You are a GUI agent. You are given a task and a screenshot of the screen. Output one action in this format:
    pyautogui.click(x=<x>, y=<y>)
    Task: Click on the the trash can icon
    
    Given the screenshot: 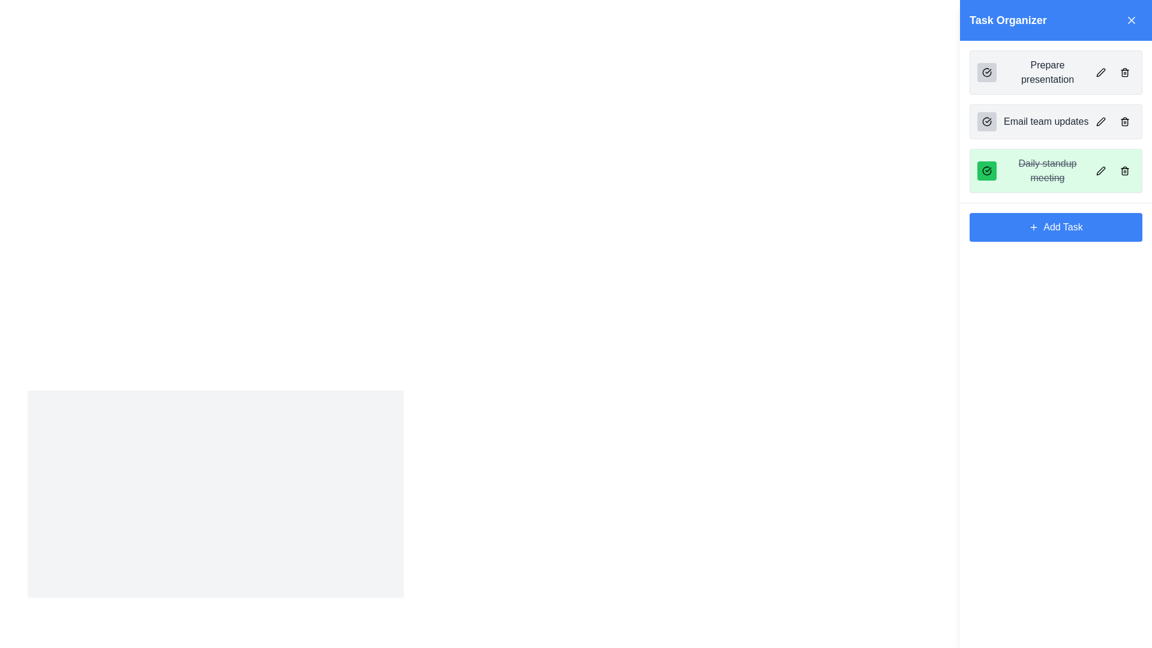 What is the action you would take?
    pyautogui.click(x=1124, y=72)
    